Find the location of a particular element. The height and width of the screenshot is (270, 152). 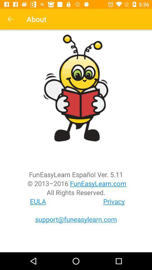

the item below the all rights reserved. item is located at coordinates (114, 201).